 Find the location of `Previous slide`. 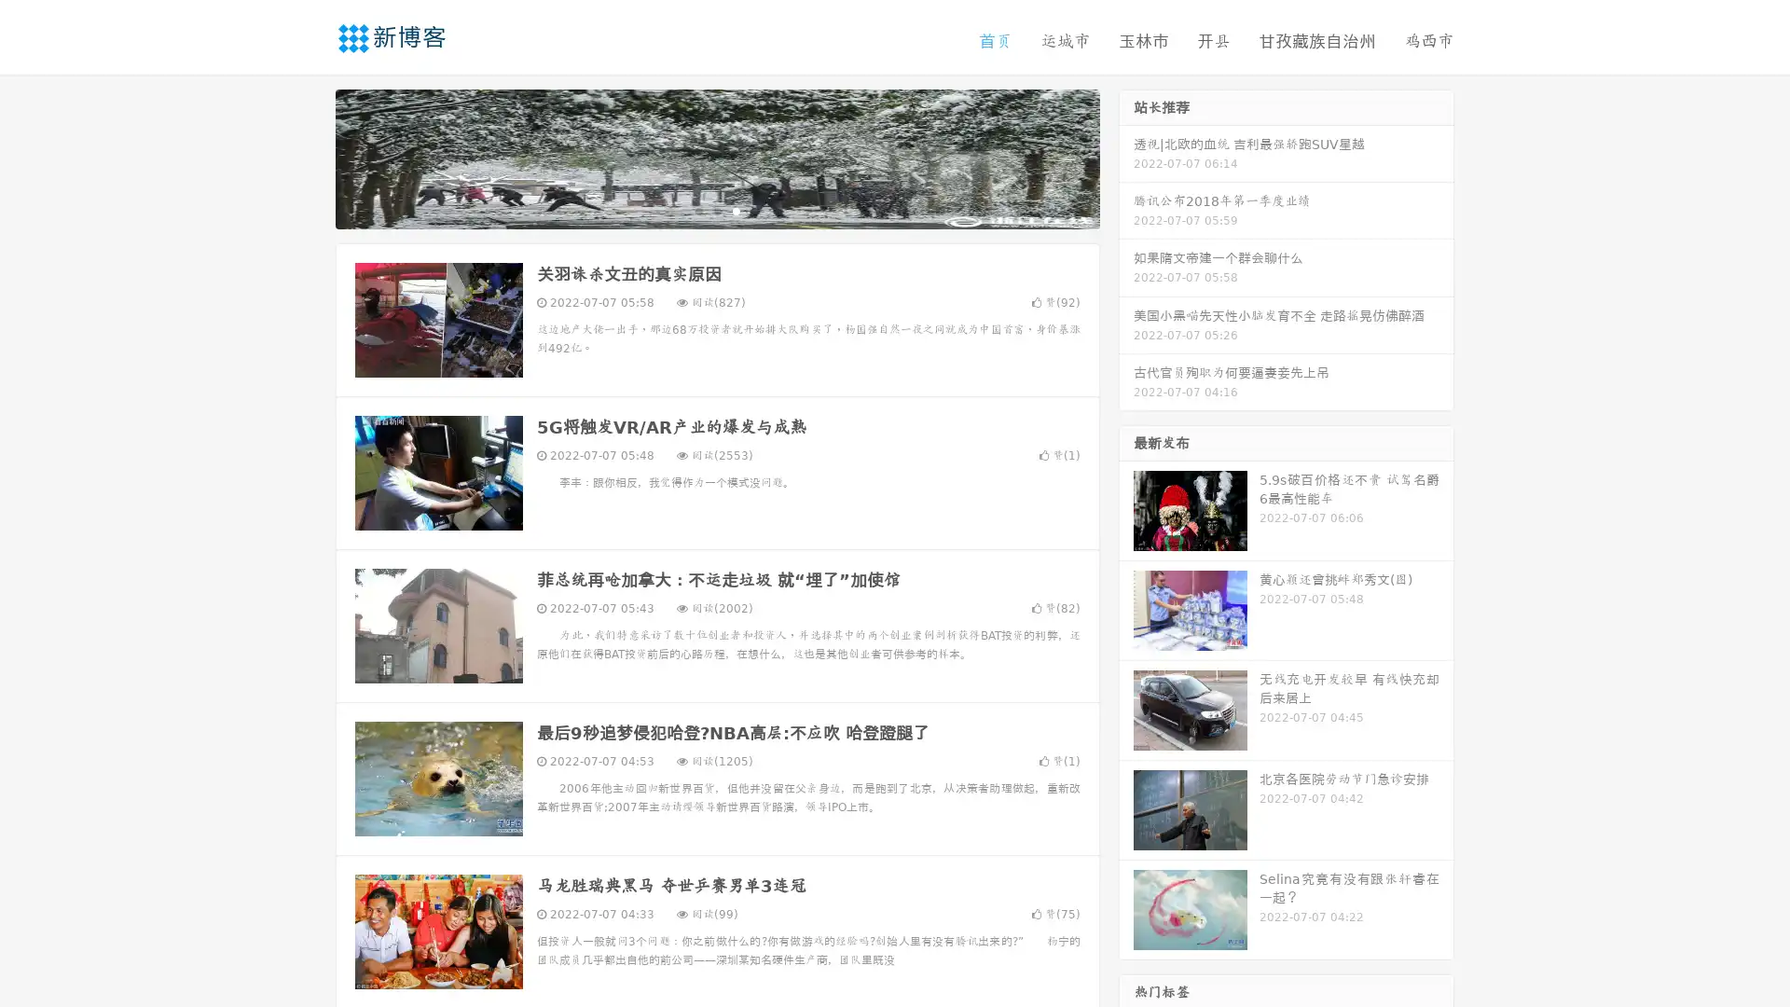

Previous slide is located at coordinates (308, 157).